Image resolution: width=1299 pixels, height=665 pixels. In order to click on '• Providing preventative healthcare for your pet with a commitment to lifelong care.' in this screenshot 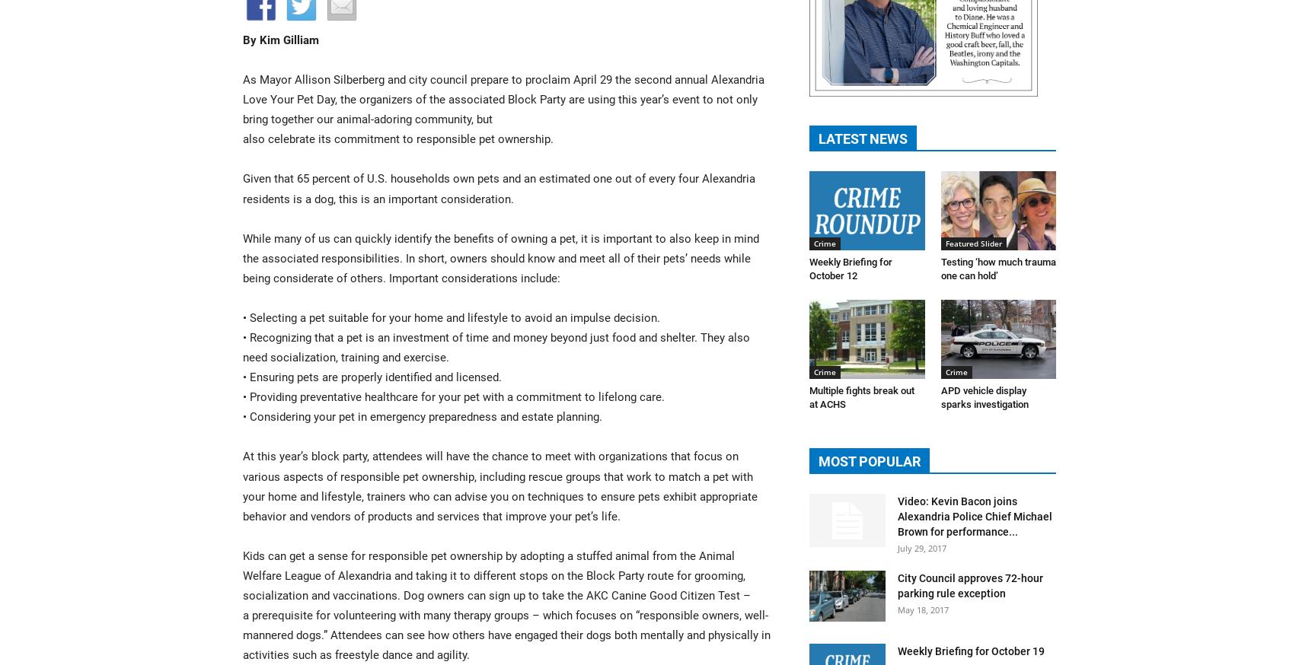, I will do `click(243, 397)`.